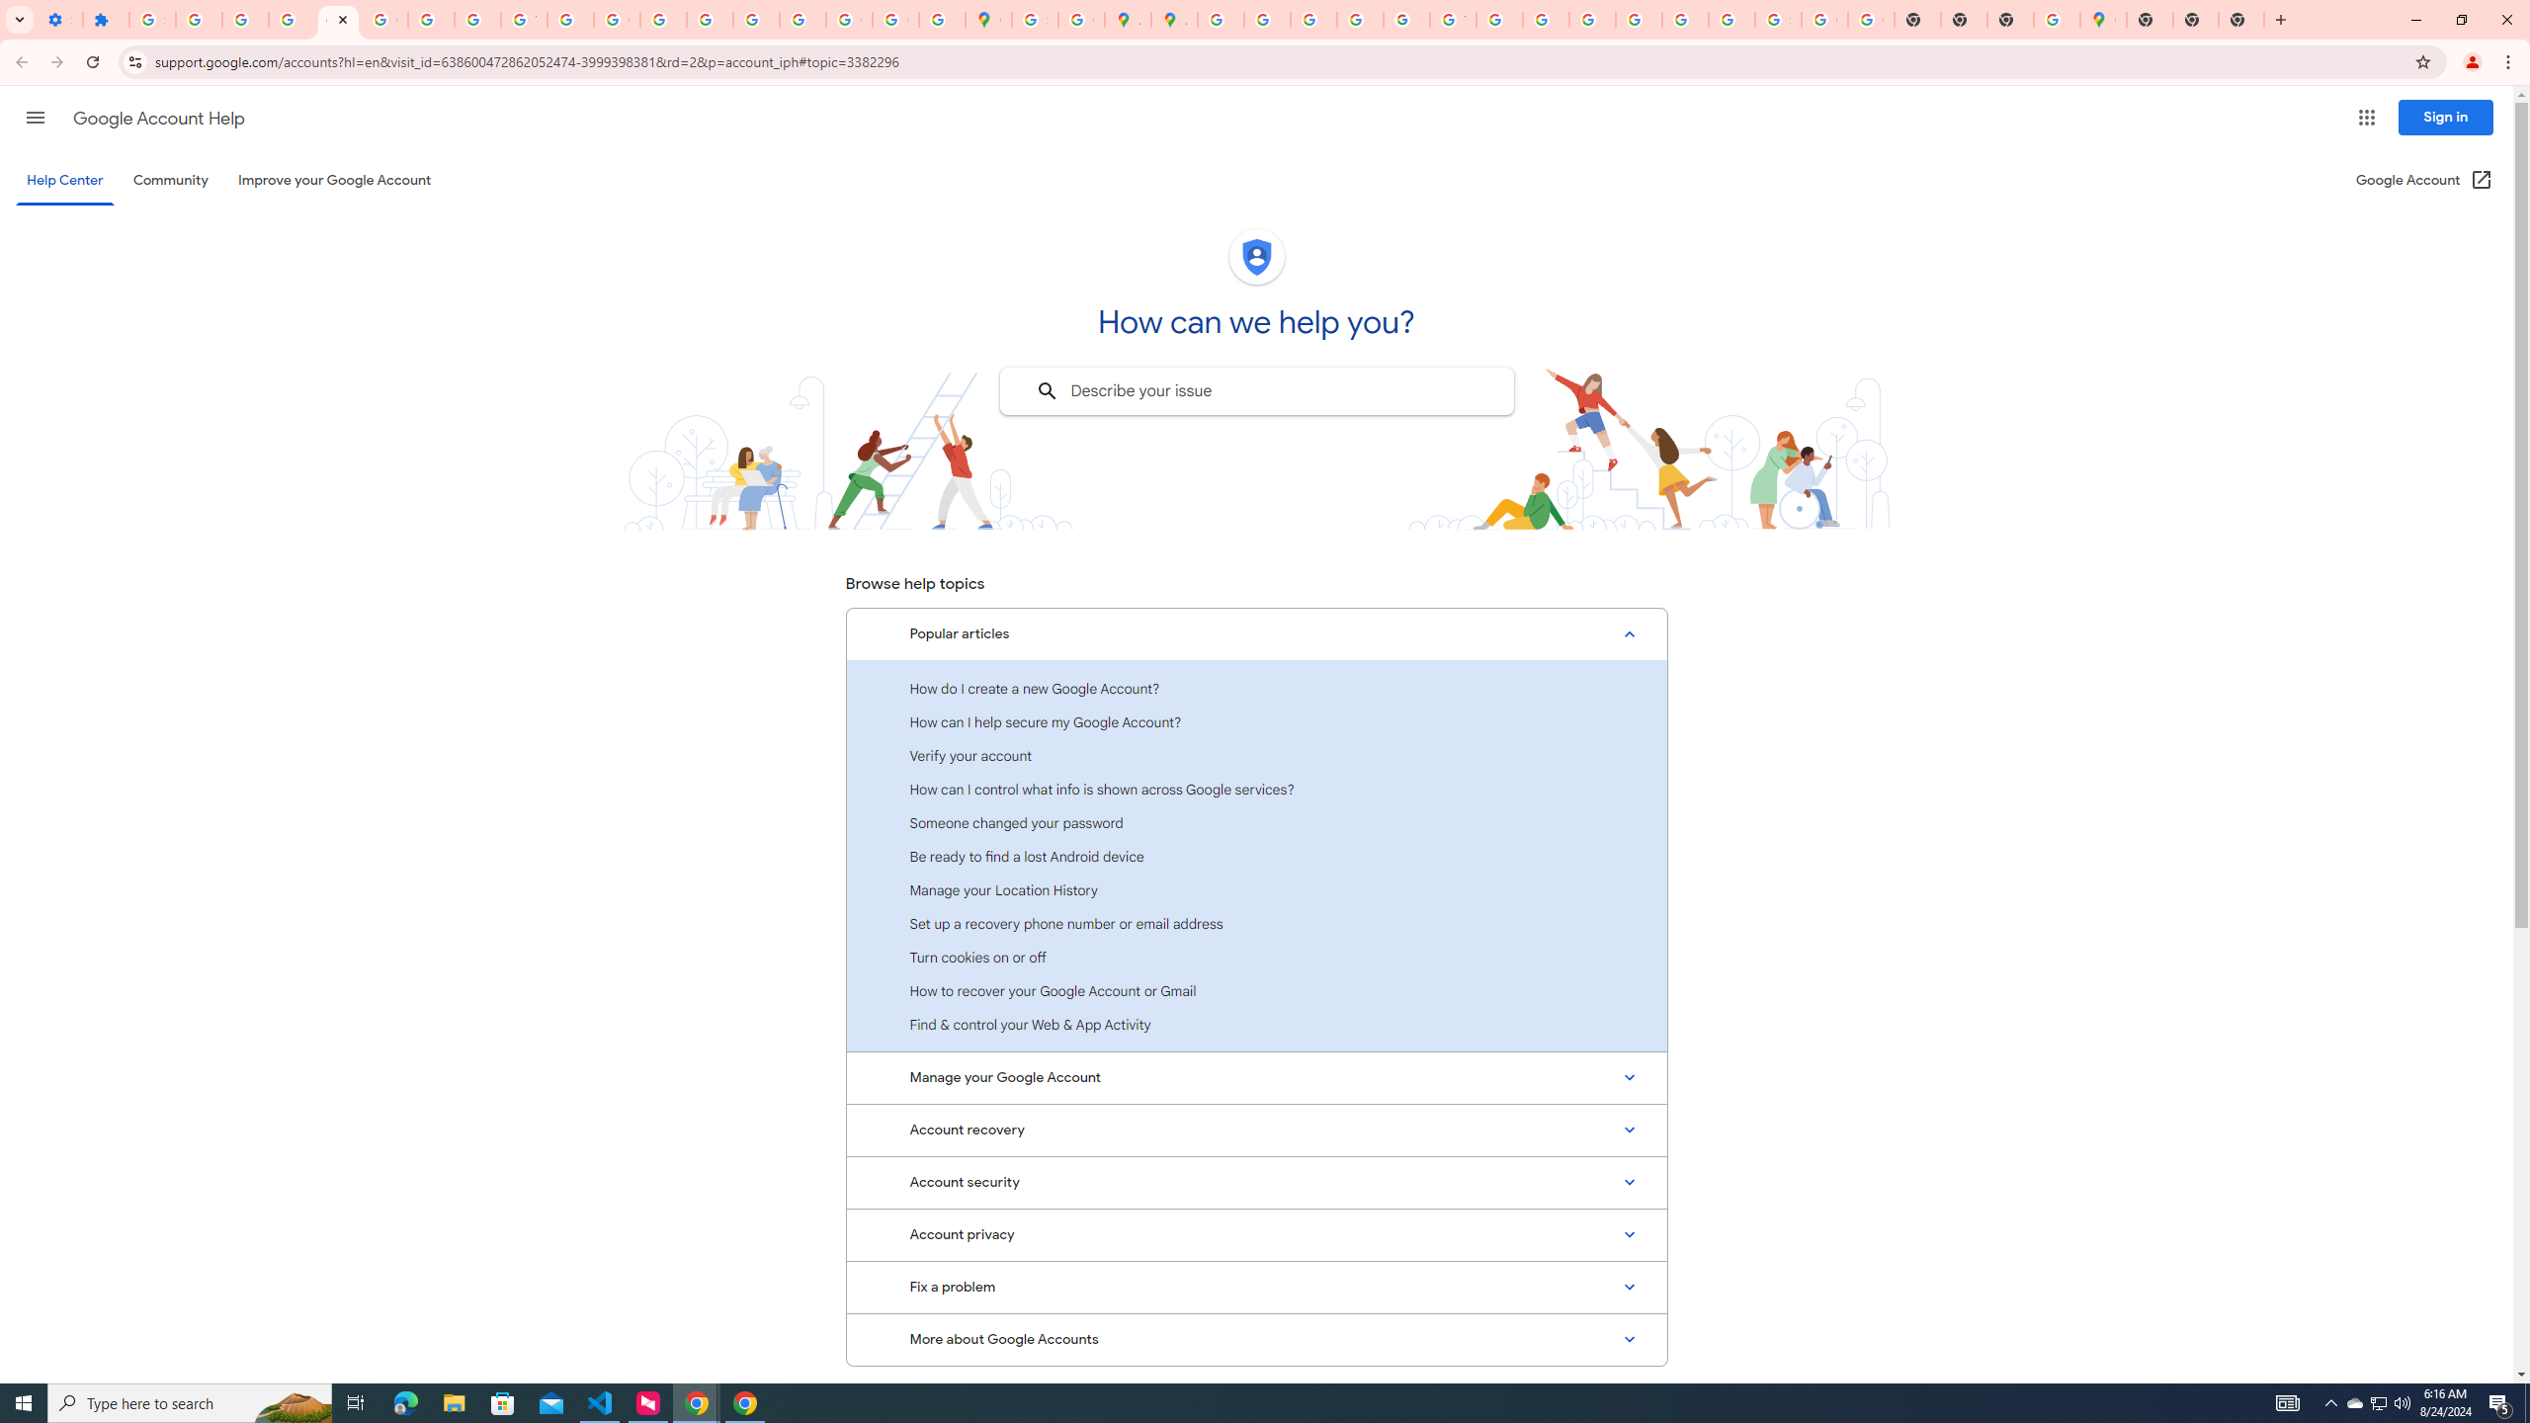 This screenshot has height=1423, width=2530. Describe the element at coordinates (1256, 390) in the screenshot. I see `'Describe your issue to find information that might help you.'` at that location.